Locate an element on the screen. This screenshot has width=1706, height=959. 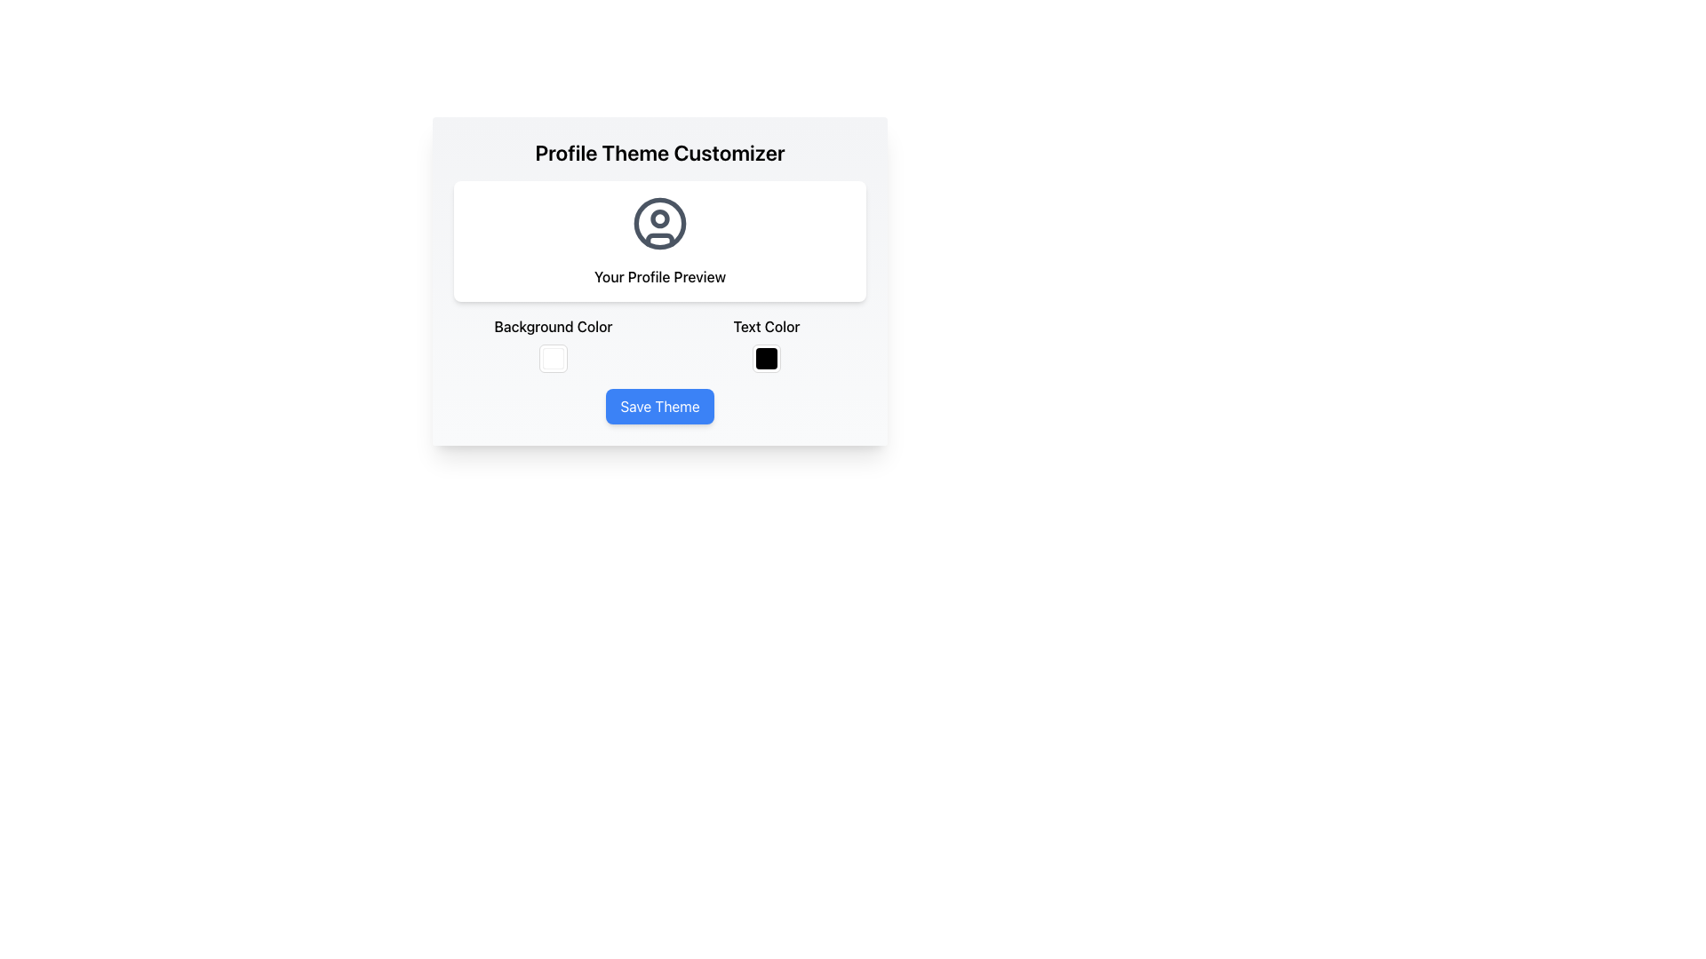
the torso representation in the user profile icon located at the lower portion of the circle, below the head element is located at coordinates (659, 240).